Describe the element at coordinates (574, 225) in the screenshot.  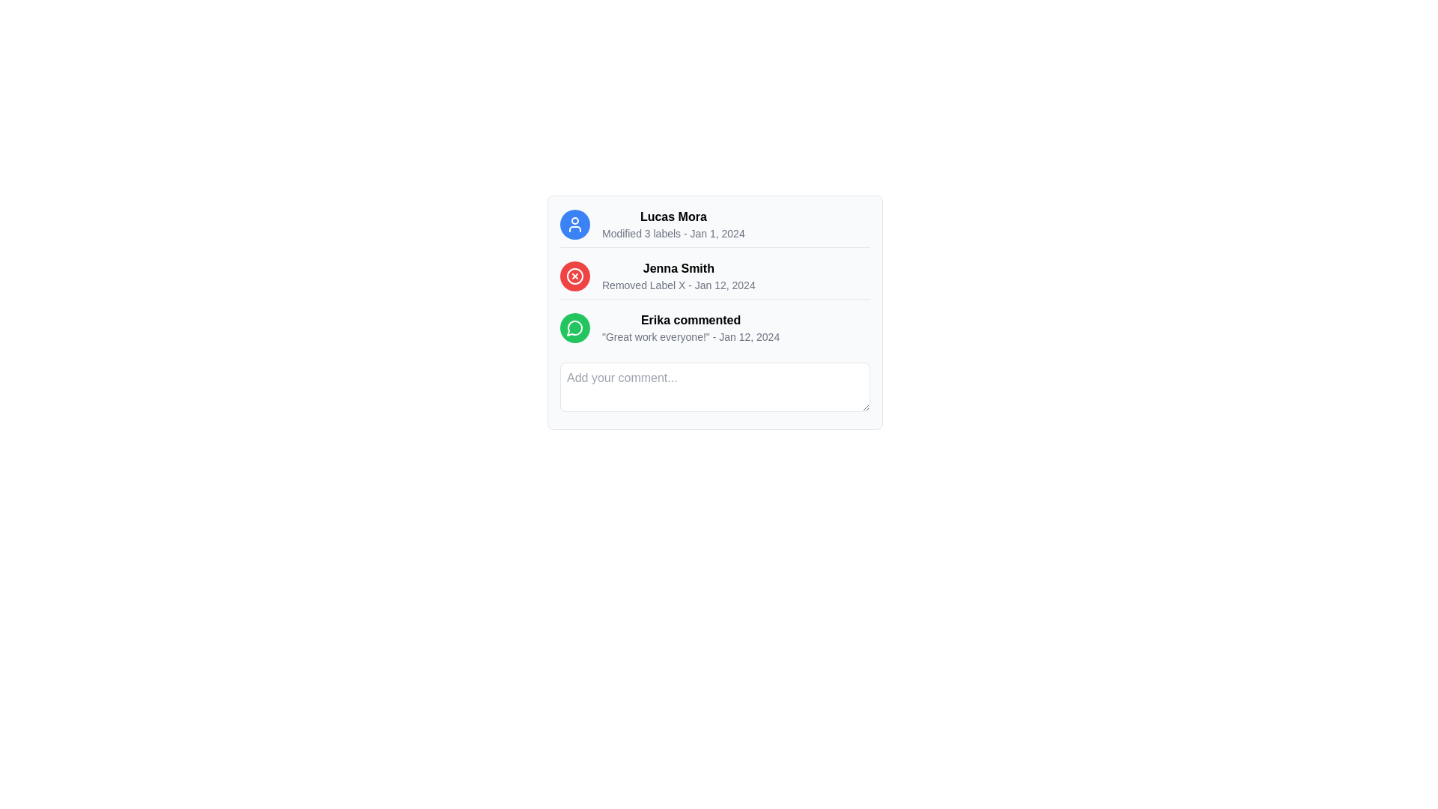
I see `the user outline icon with a blue background and white outline located on the leftmost side of the top row, aligned with 'Lucas Mora'` at that location.